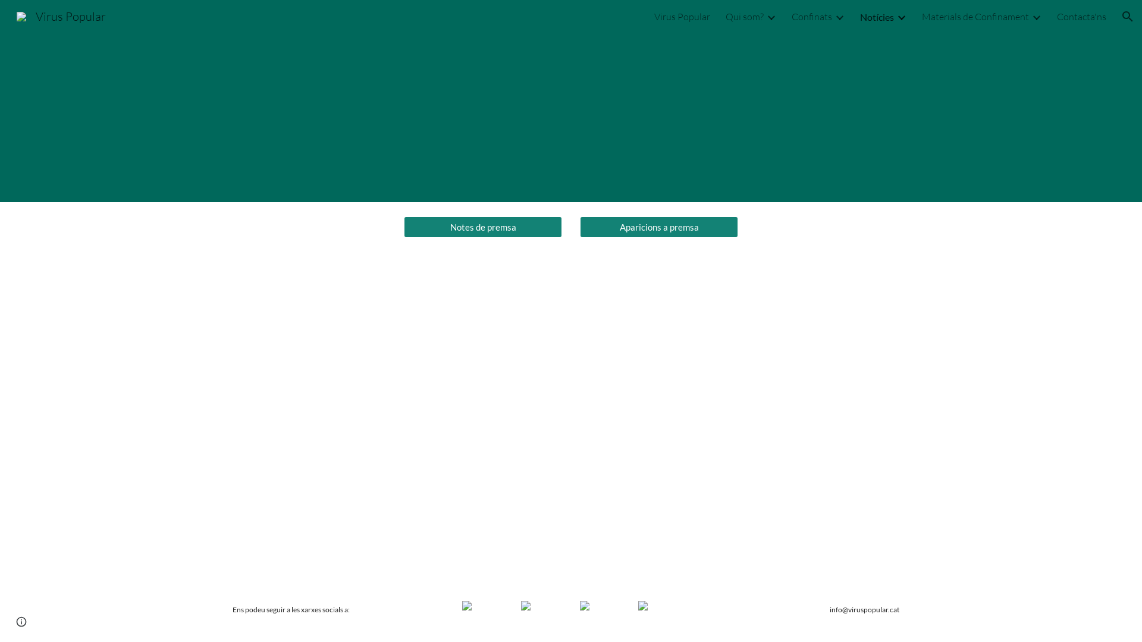 The height and width of the screenshot is (642, 1142). I want to click on 'Expand/Collapse', so click(771, 16).